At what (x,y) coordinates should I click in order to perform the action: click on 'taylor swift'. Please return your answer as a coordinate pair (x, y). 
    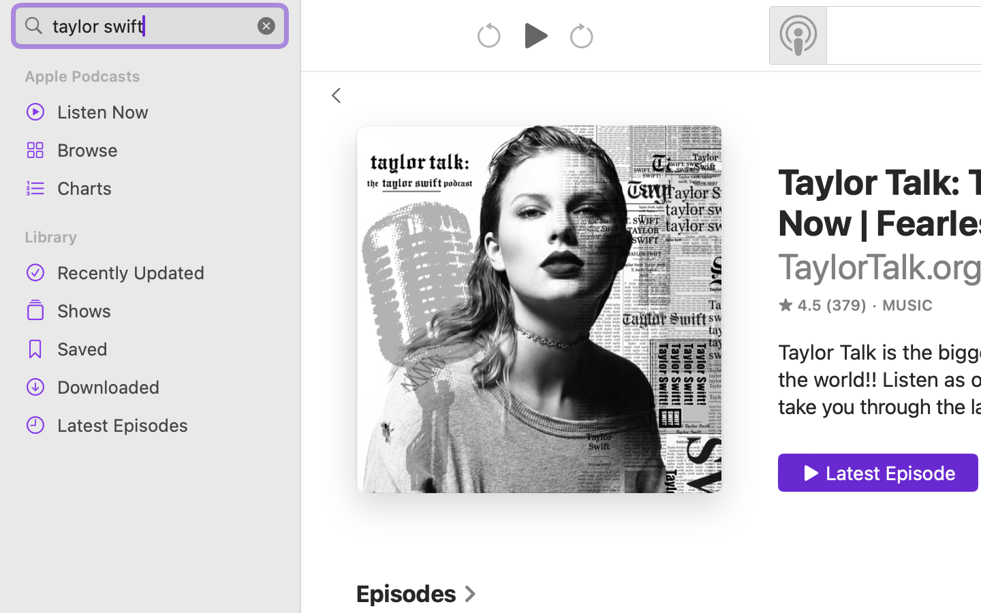
    Looking at the image, I should click on (150, 25).